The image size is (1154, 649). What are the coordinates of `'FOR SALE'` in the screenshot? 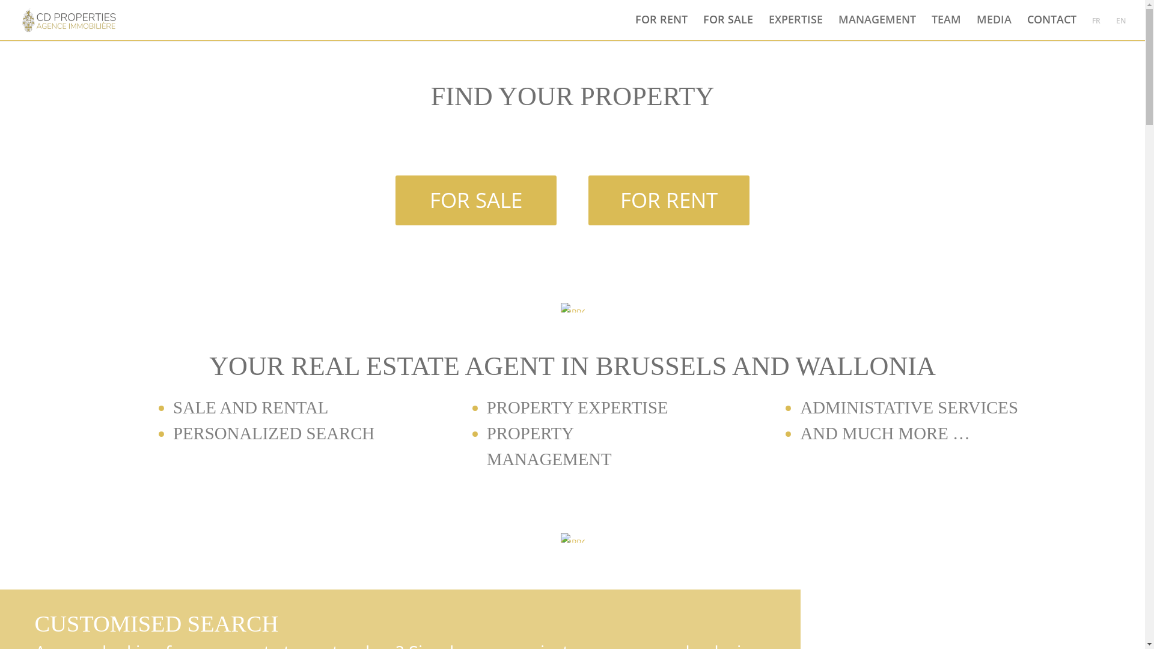 It's located at (727, 26).